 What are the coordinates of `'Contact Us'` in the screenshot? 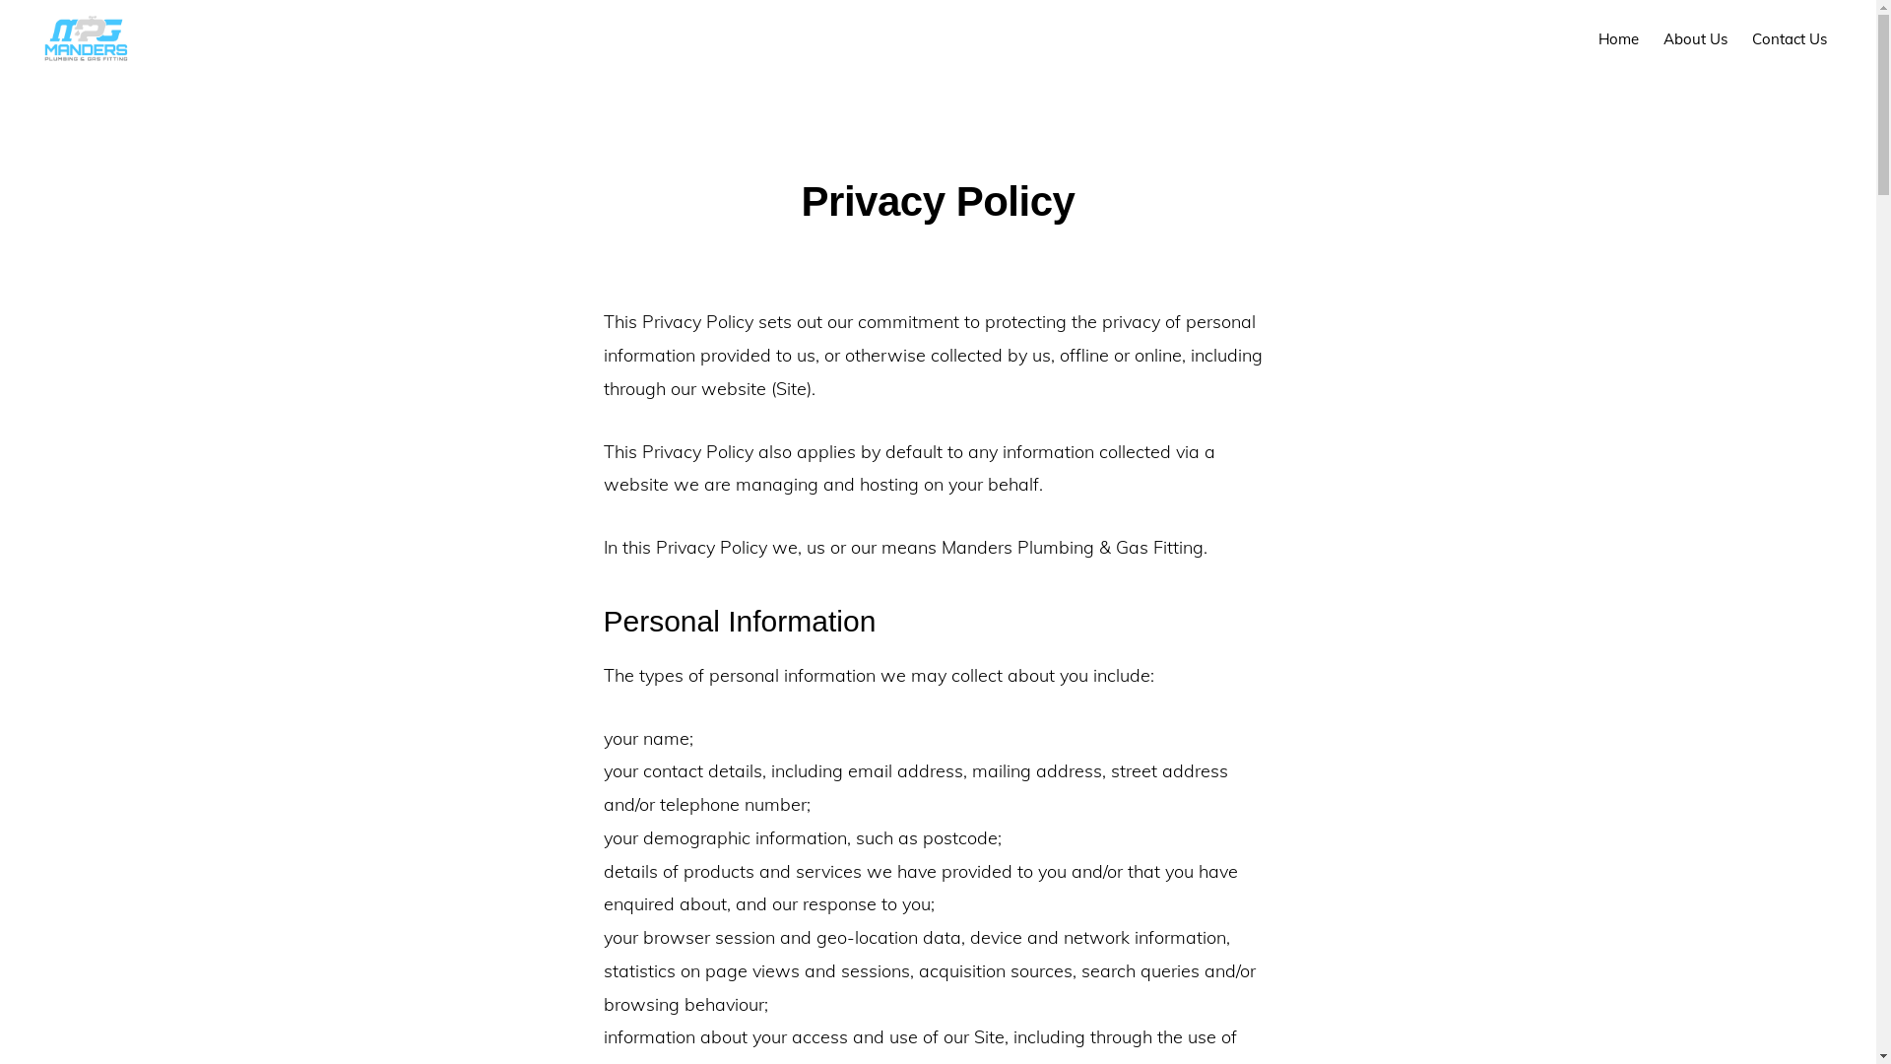 It's located at (1790, 38).